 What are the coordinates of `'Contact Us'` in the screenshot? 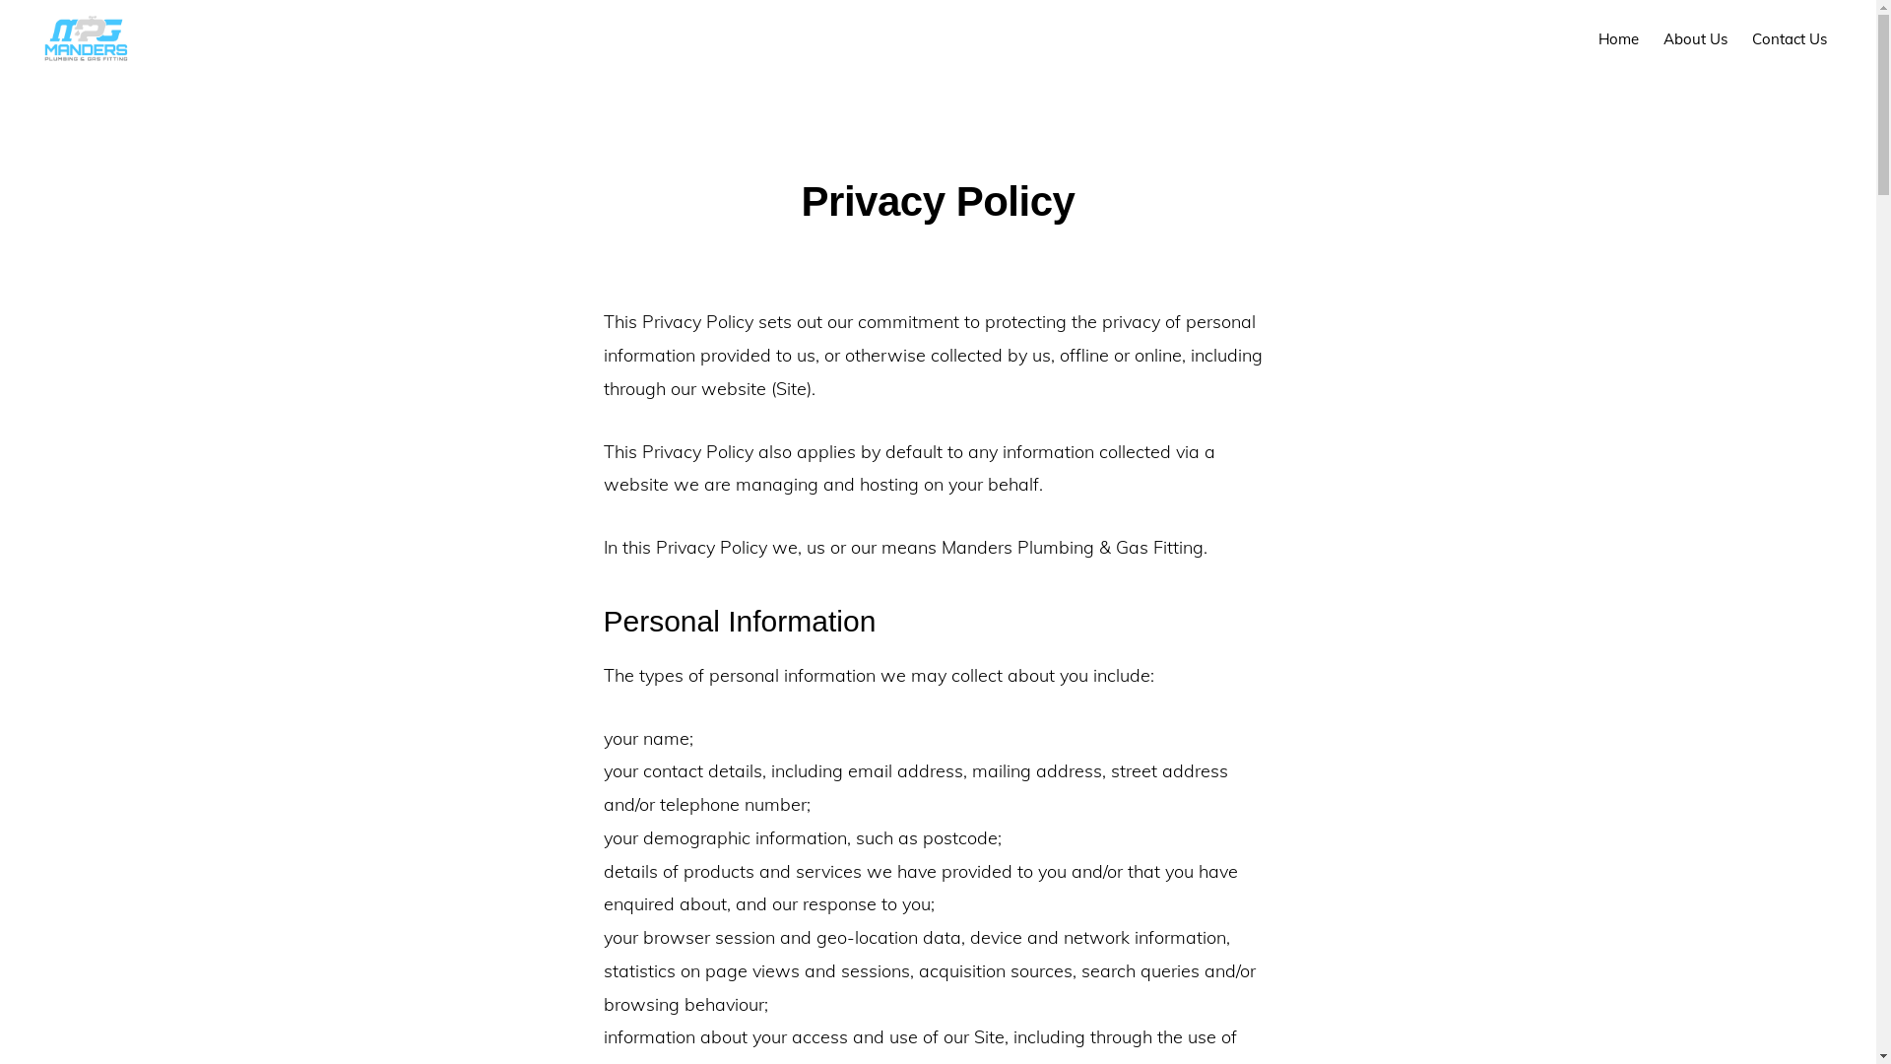 It's located at (1790, 38).